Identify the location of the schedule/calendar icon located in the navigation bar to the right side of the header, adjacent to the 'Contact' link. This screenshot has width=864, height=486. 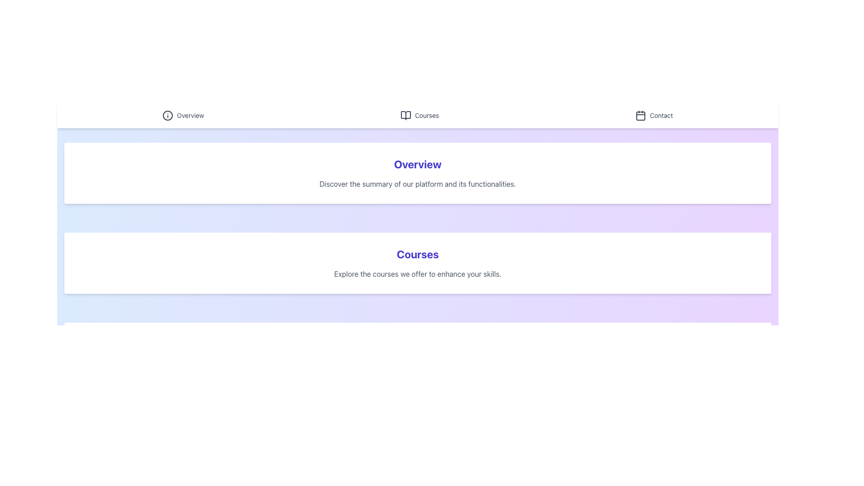
(640, 115).